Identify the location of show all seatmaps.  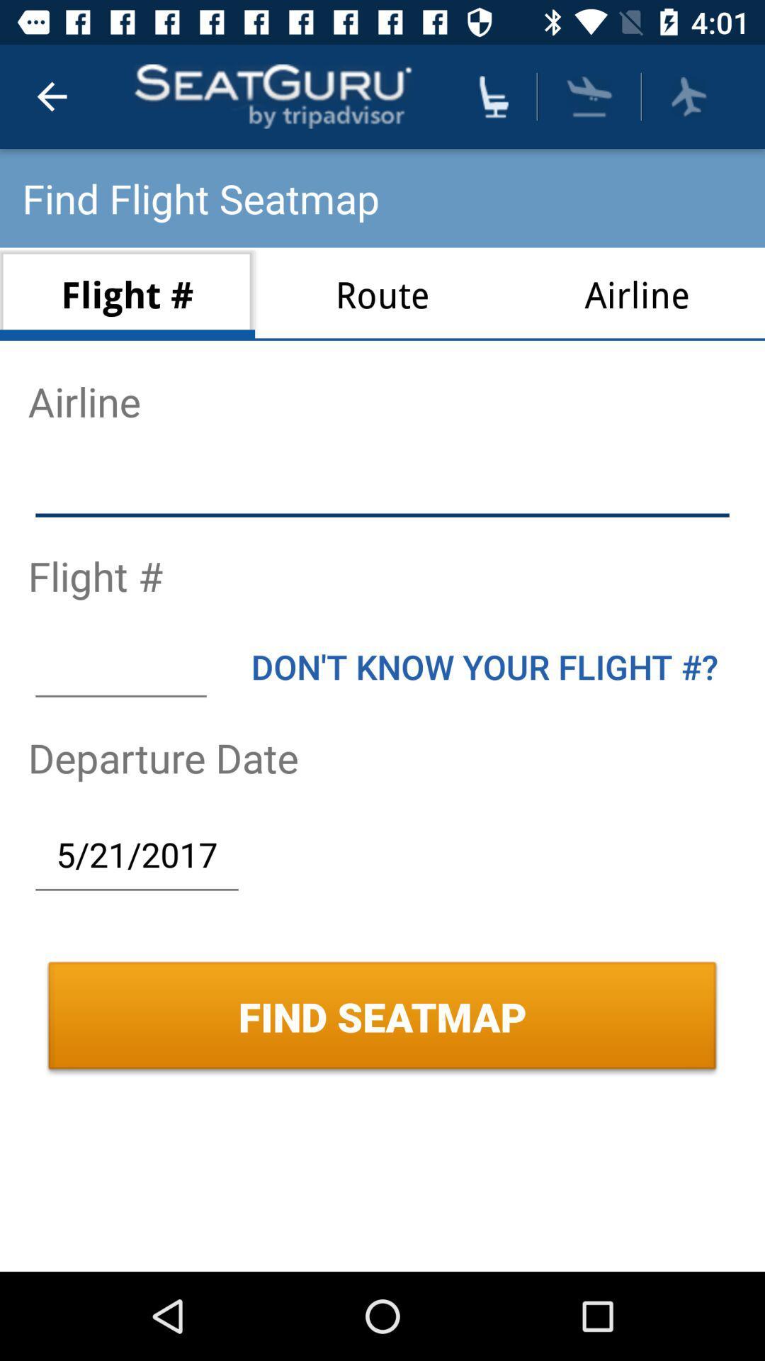
(493, 96).